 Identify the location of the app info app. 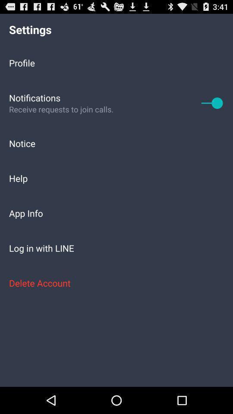
(116, 213).